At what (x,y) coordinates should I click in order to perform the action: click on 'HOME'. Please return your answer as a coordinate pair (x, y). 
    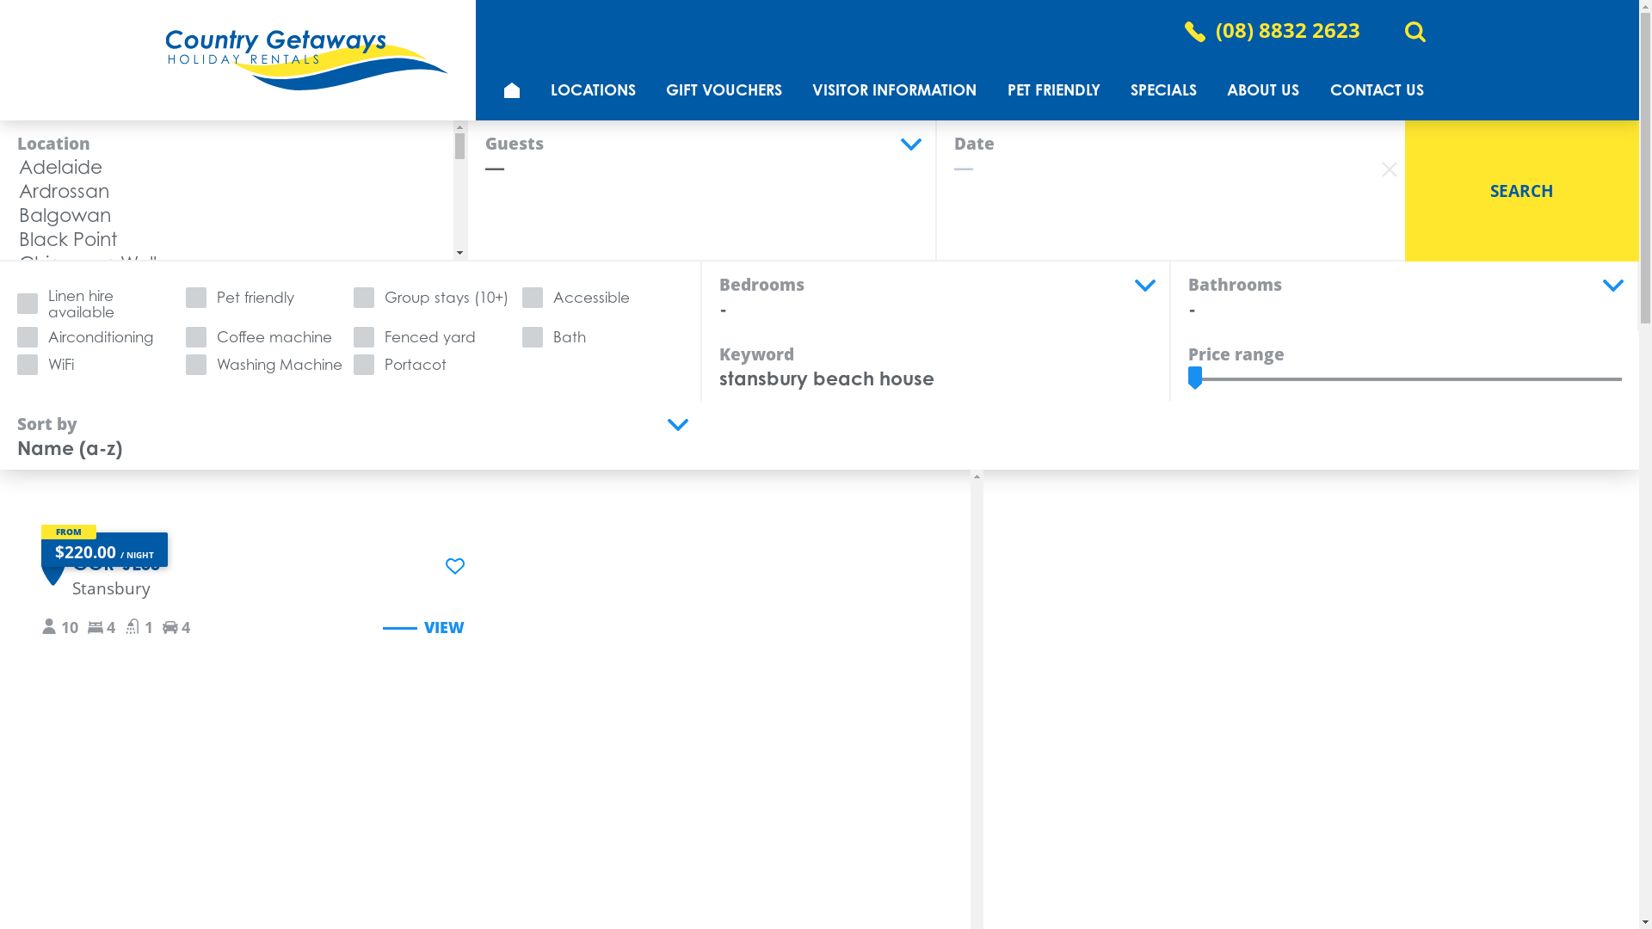
    Looking at the image, I should click on (510, 89).